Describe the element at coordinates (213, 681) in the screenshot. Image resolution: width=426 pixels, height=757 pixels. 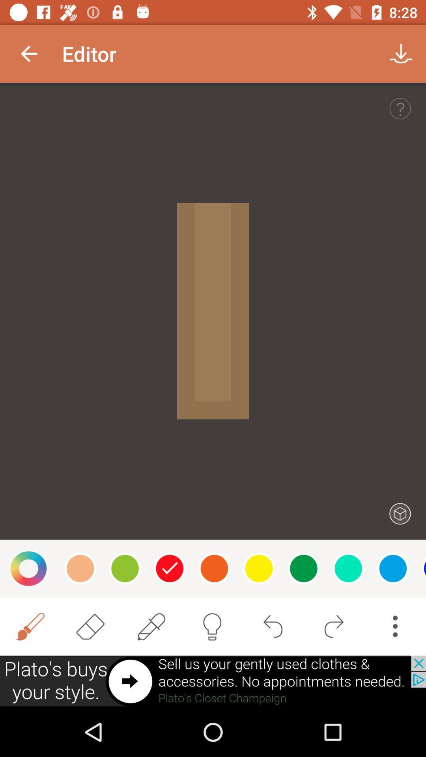
I see `advert pop up` at that location.